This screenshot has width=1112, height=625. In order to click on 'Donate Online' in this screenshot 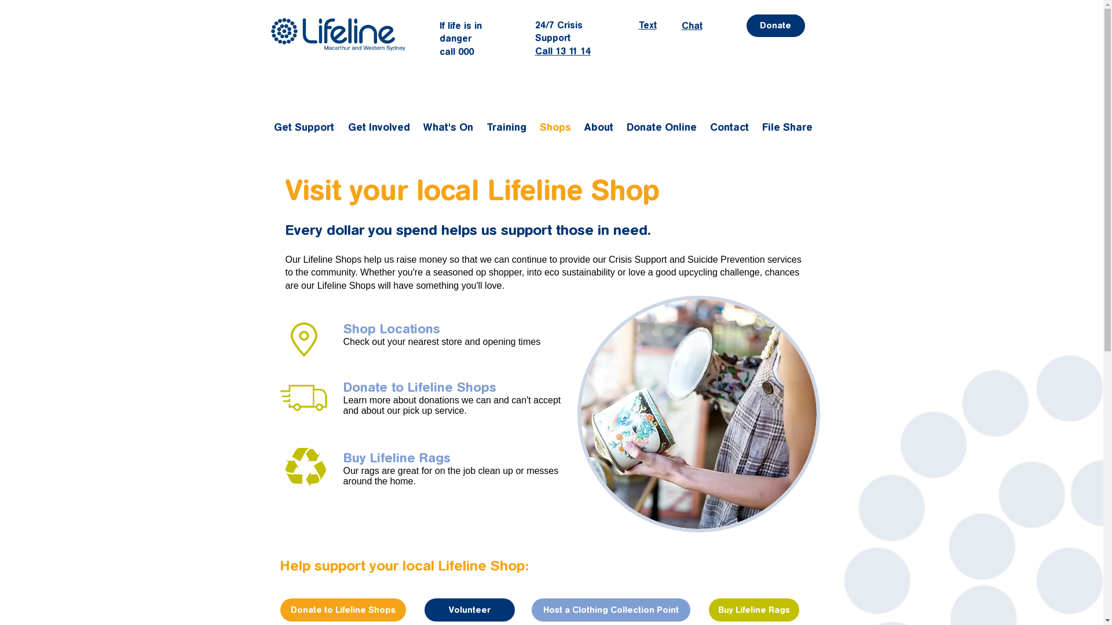, I will do `click(662, 127)`.